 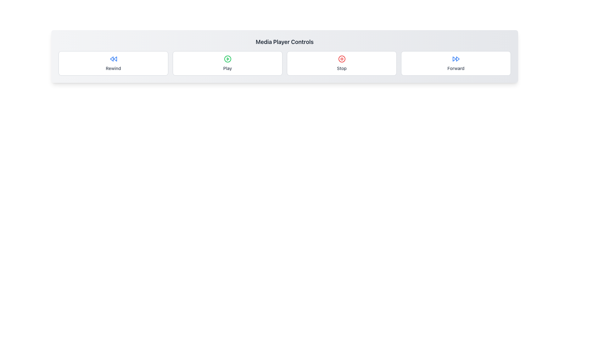 I want to click on the circular 'Stop' icon, which is centered within the media control labeled 'Stop' and has a solid border, so click(x=341, y=59).